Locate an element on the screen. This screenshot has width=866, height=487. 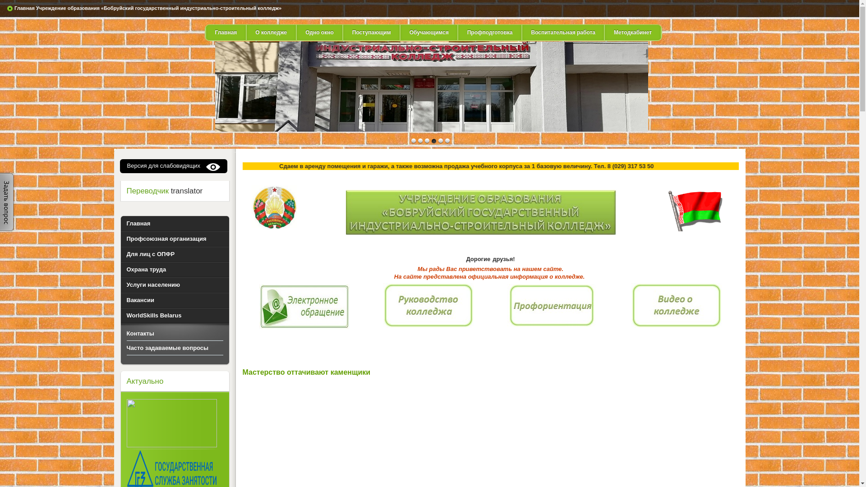
'5' is located at coordinates (447, 141).